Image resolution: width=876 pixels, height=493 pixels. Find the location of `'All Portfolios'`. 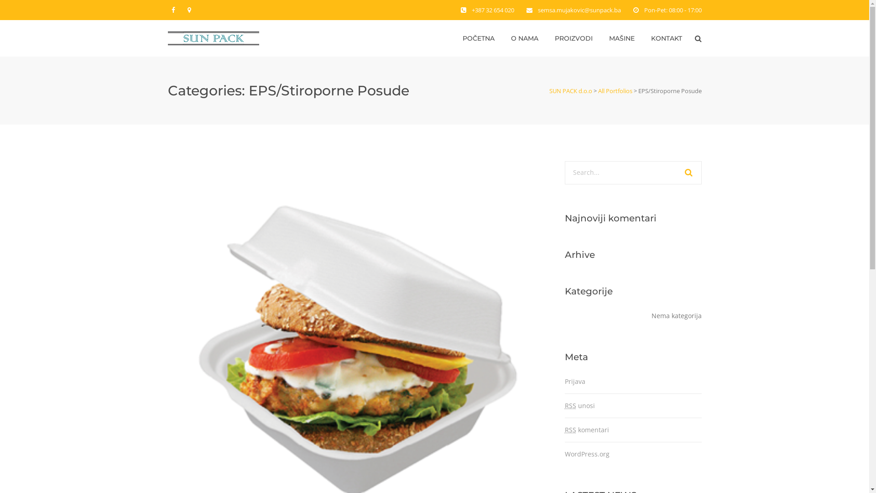

'All Portfolios' is located at coordinates (615, 91).